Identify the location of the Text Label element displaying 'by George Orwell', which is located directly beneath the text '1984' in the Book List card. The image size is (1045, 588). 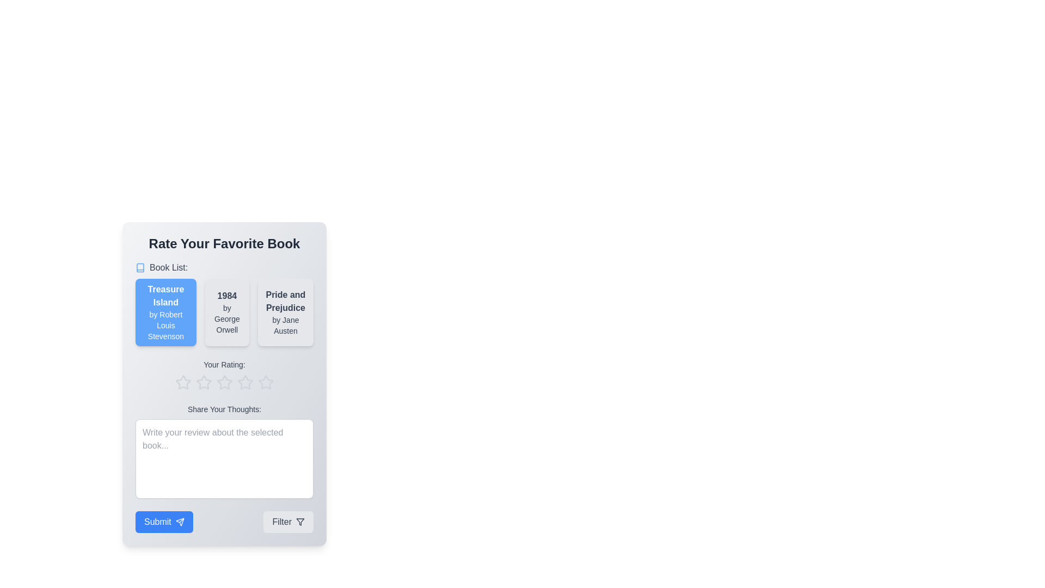
(226, 318).